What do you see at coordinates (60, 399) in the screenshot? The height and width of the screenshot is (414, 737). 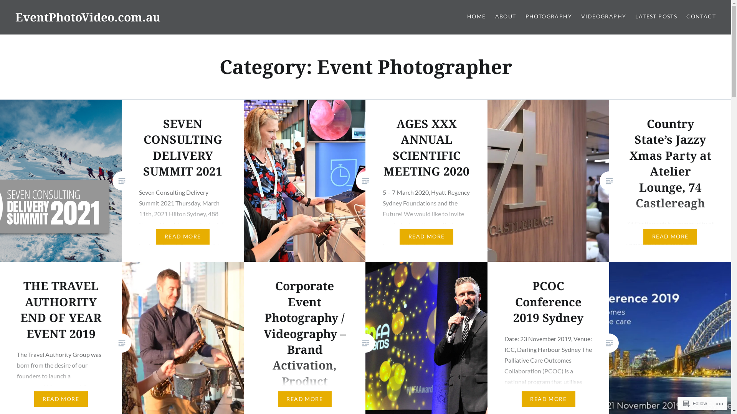 I see `'READ MORE'` at bounding box center [60, 399].